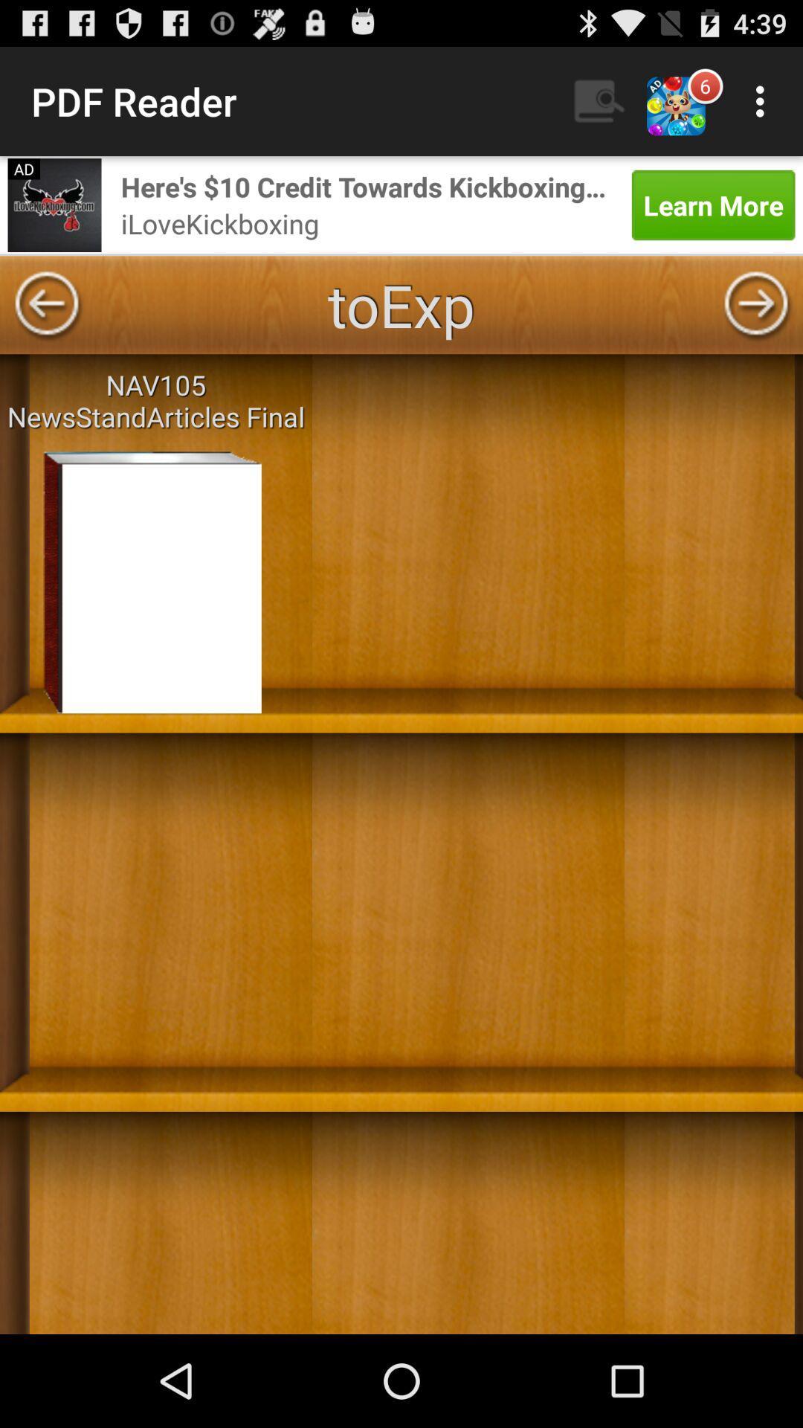  I want to click on sea booking, so click(54, 204).